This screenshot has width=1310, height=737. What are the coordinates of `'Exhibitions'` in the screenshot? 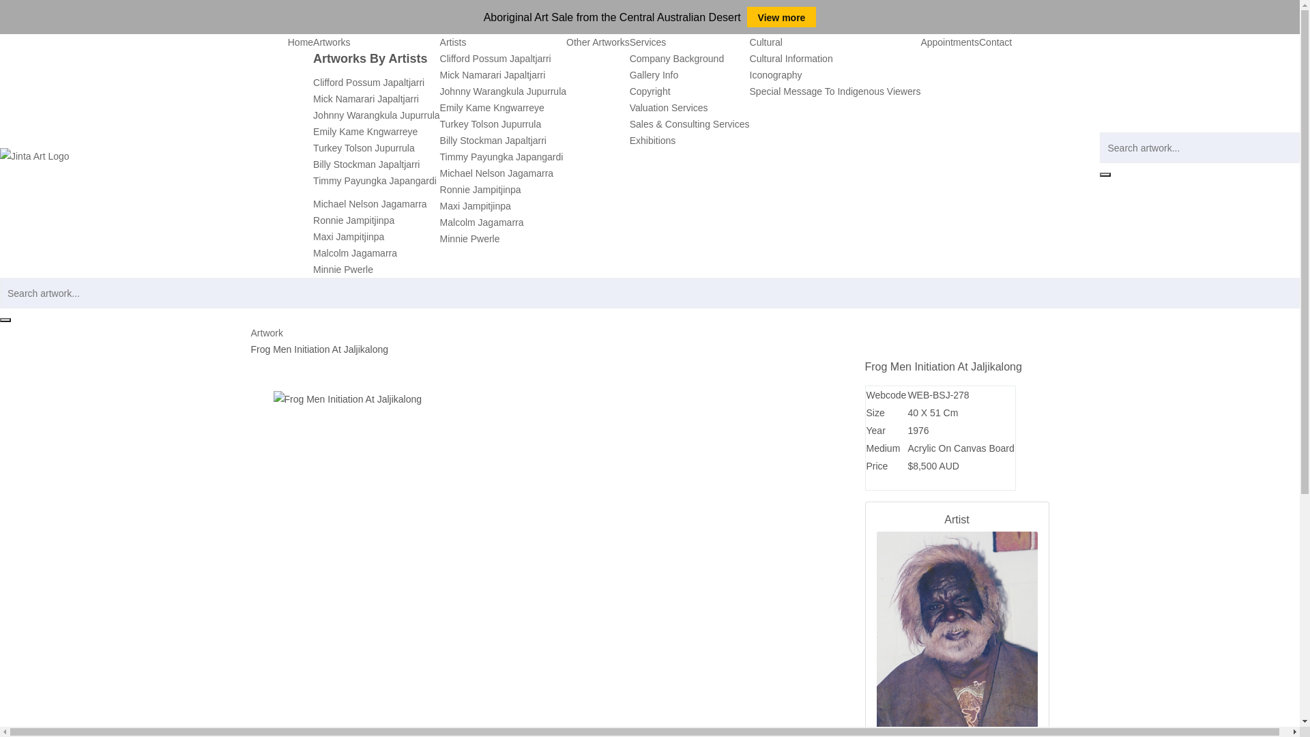 It's located at (652, 140).